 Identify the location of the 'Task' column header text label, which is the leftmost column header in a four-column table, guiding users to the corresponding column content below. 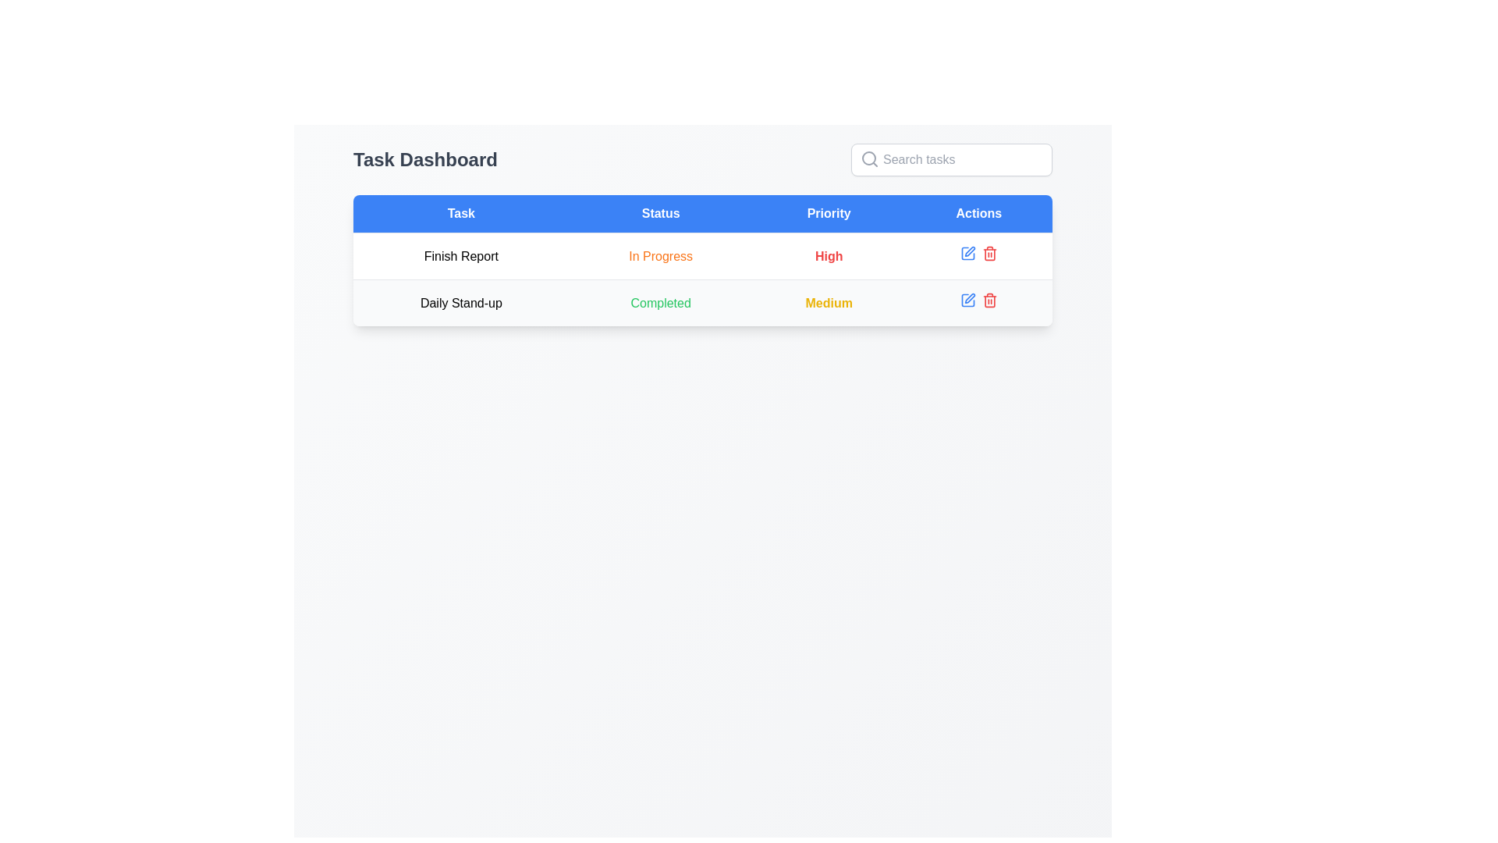
(460, 214).